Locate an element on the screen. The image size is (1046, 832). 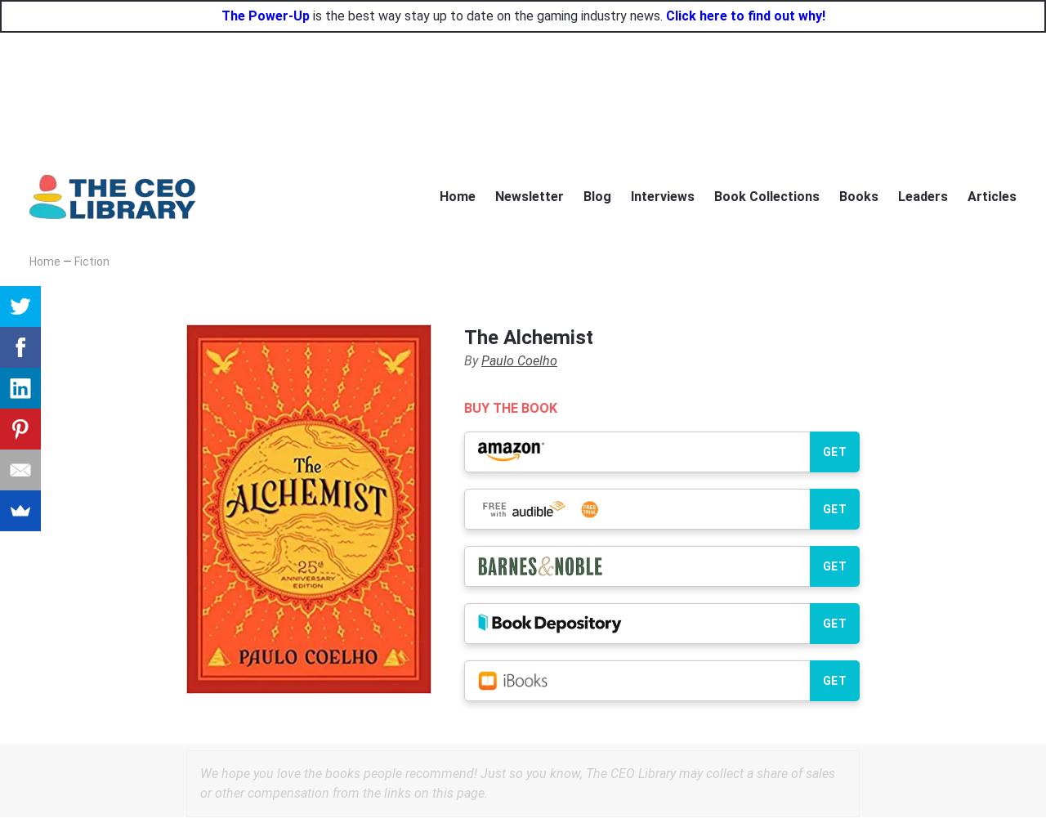
'Newsletter' is located at coordinates (529, 195).